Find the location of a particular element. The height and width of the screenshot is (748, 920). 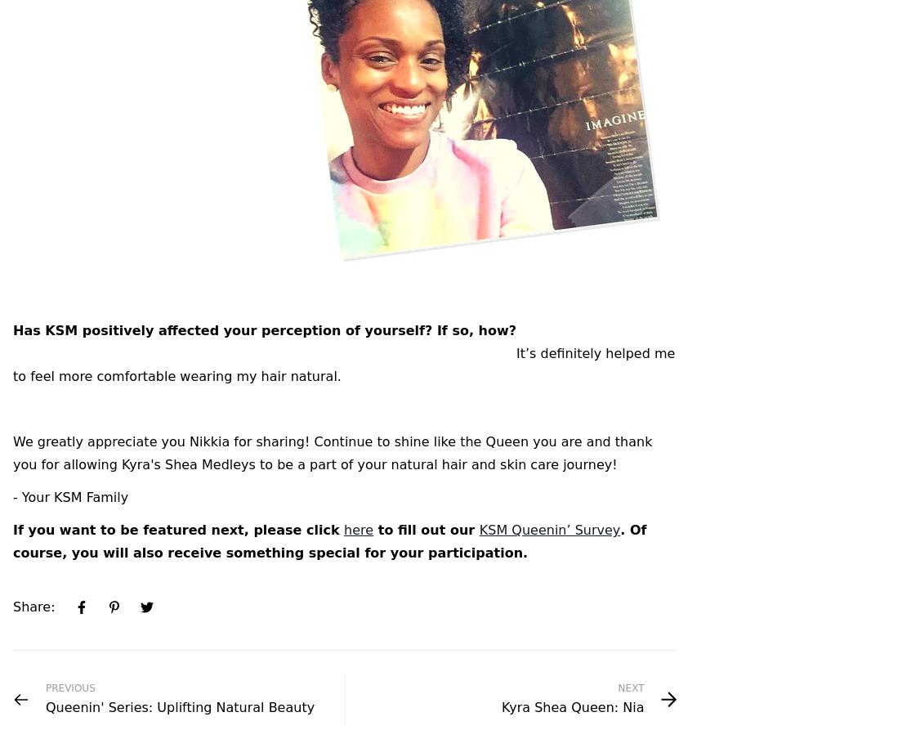

'If you want to be featured next, please click' is located at coordinates (177, 530).